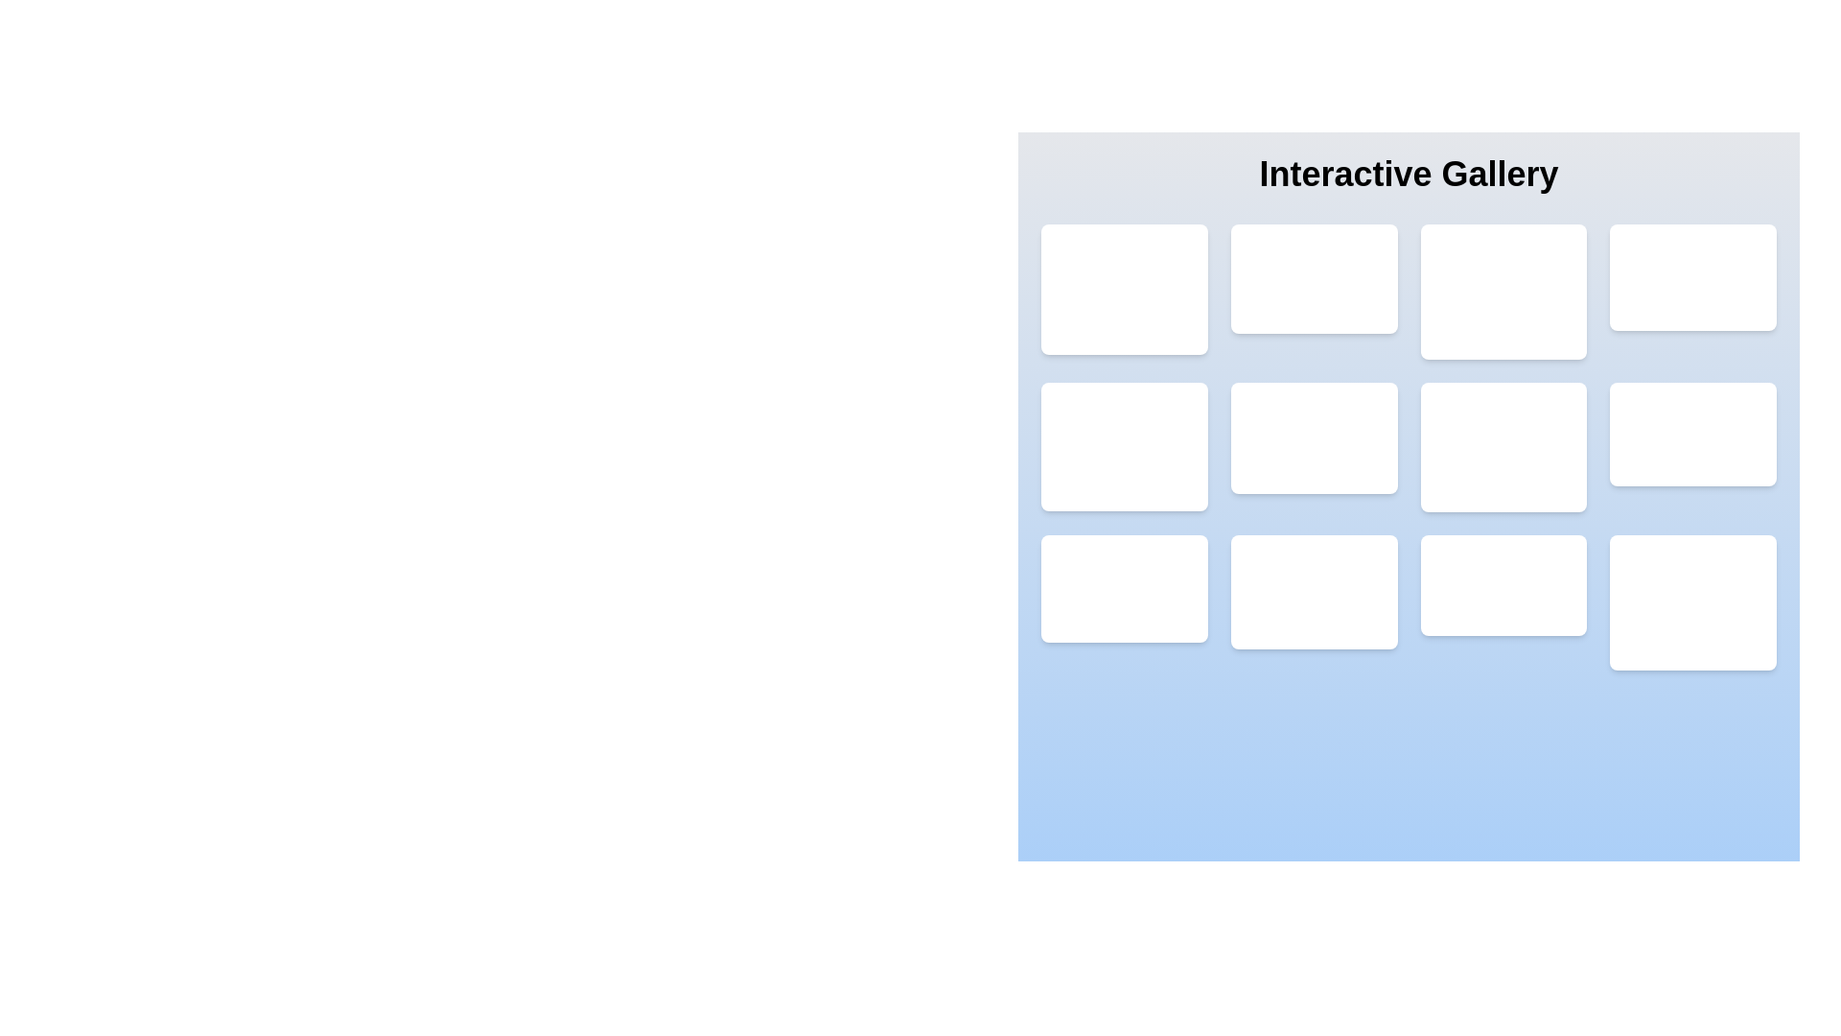 The image size is (1841, 1036). I want to click on the gallery card component displaying details about 'Artwork #9', which is the ninth item in a grid layout of twelve cards located in the bottom-left corner, so click(1124, 587).